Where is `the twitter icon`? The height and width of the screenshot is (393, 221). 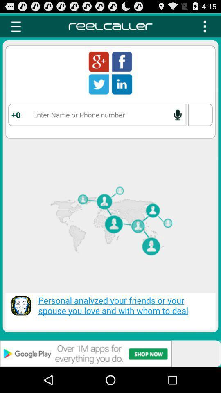 the twitter icon is located at coordinates (99, 90).